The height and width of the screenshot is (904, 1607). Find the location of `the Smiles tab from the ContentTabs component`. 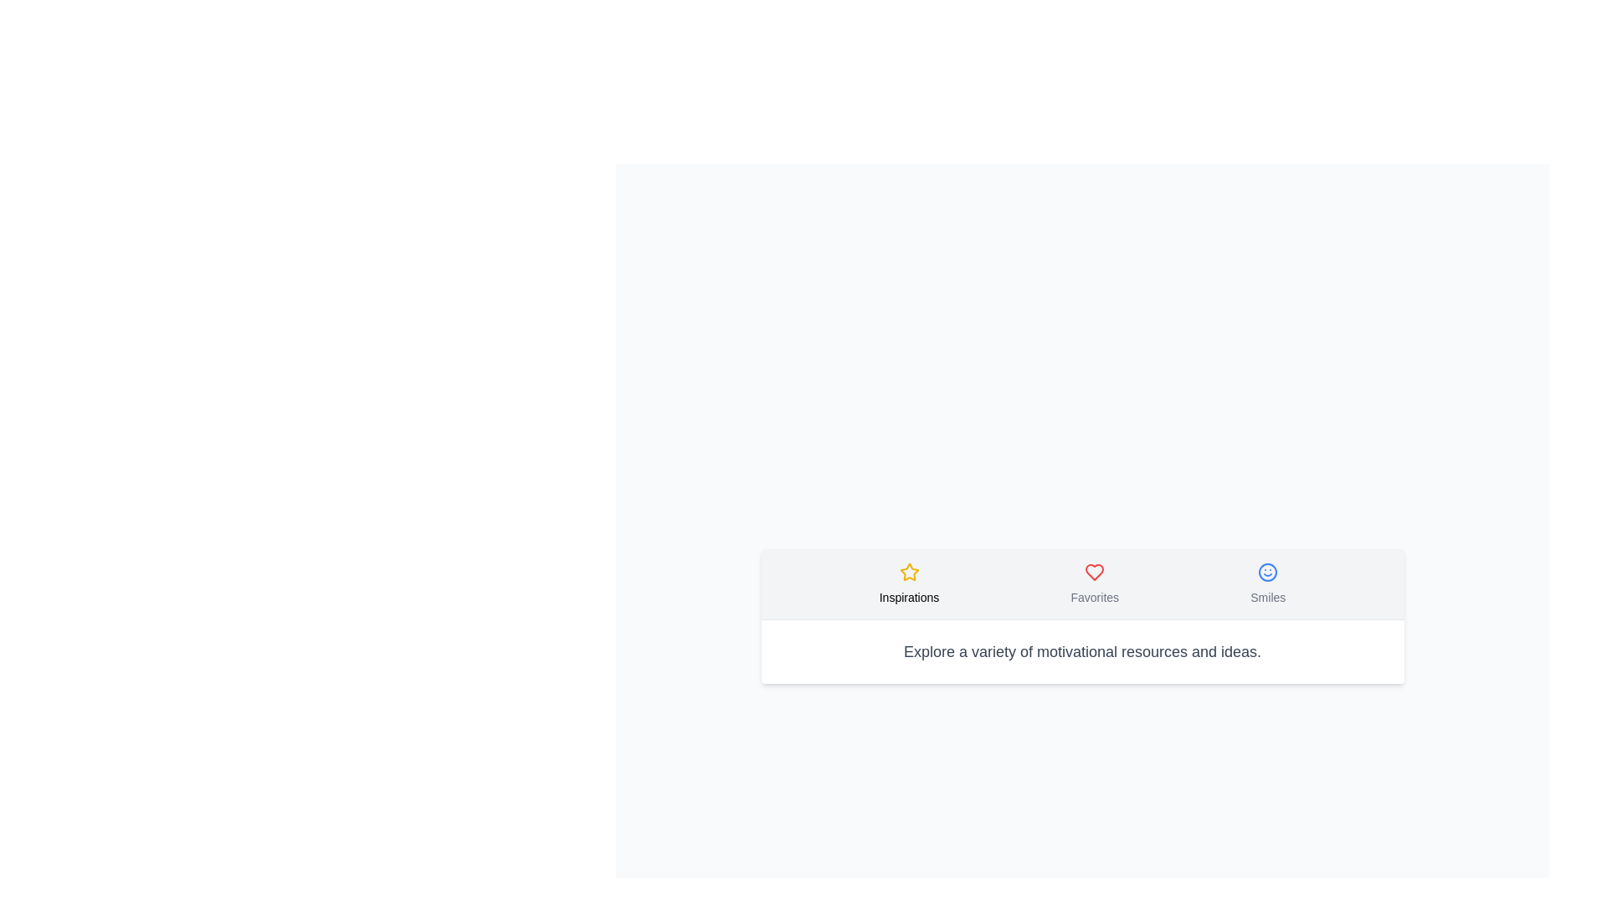

the Smiles tab from the ContentTabs component is located at coordinates (1268, 583).